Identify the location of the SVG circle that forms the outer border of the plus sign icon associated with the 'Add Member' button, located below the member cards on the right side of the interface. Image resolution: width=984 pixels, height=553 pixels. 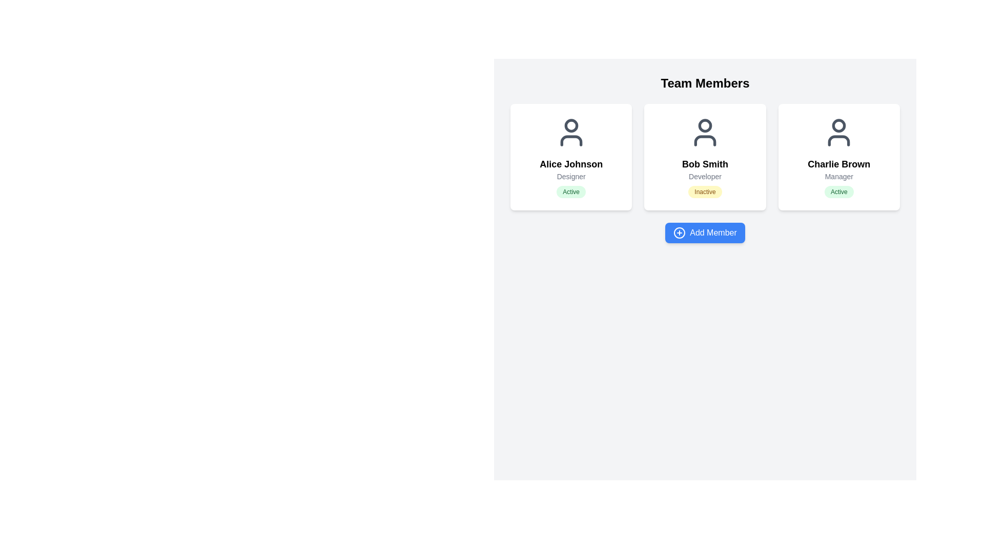
(680, 233).